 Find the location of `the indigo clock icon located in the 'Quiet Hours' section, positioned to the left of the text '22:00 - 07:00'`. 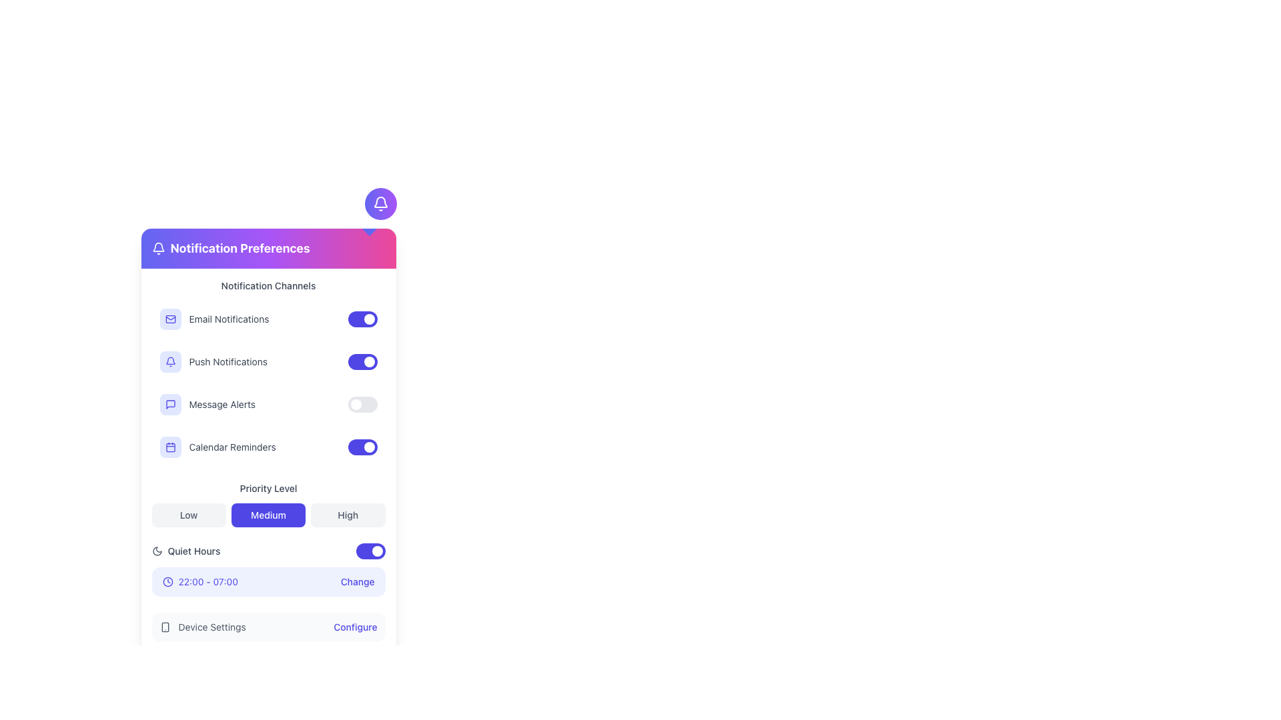

the indigo clock icon located in the 'Quiet Hours' section, positioned to the left of the text '22:00 - 07:00' is located at coordinates (167, 581).